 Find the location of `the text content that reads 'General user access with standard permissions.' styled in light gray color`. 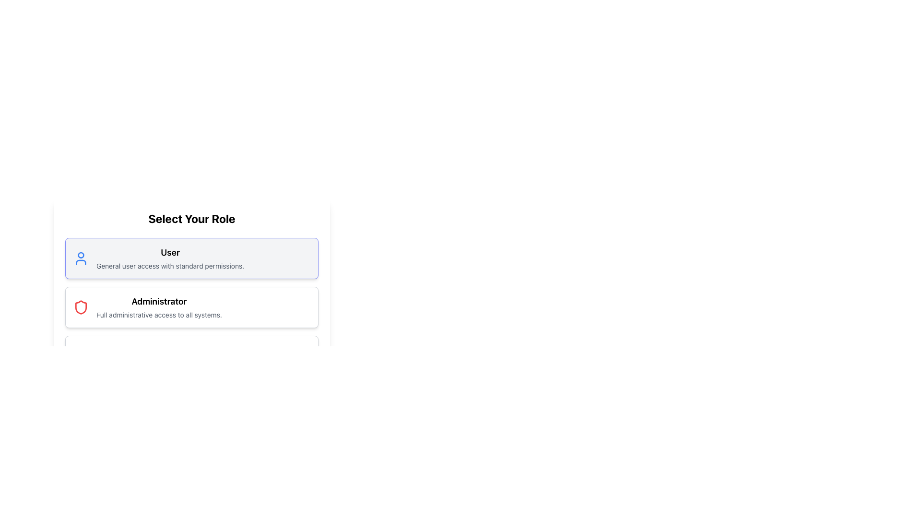

the text content that reads 'General user access with standard permissions.' styled in light gray color is located at coordinates (170, 266).